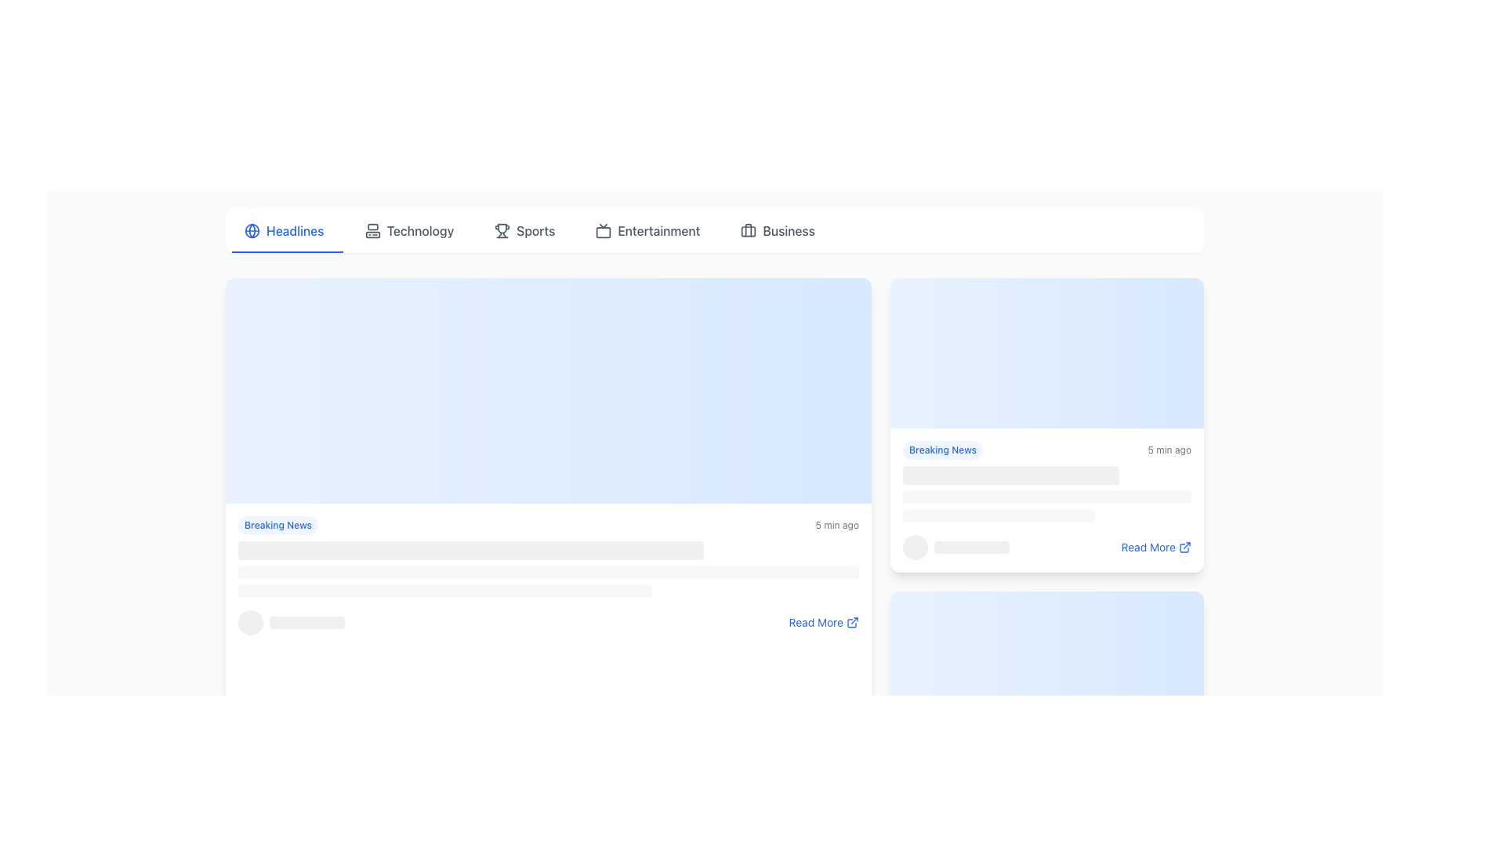 The height and width of the screenshot is (846, 1505). What do you see at coordinates (502, 230) in the screenshot?
I see `the 'Sports' icon in the navigation menu, which visually represents the 'Sports' category situated between the 'Technology' and 'Entertainment' buttons` at bounding box center [502, 230].